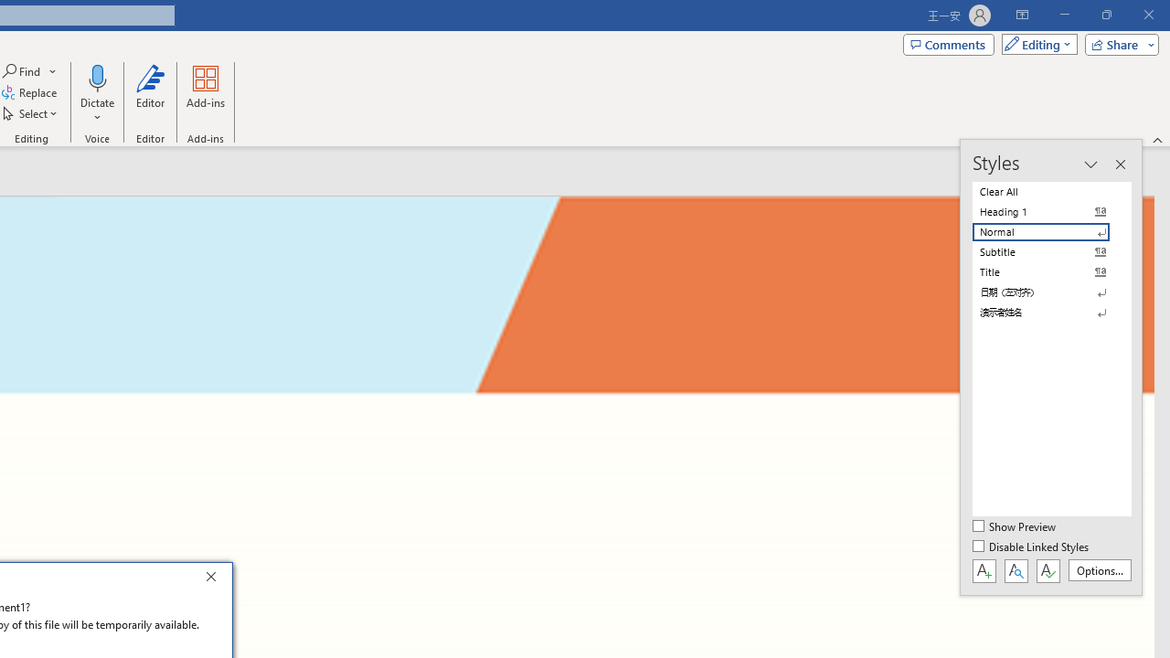 The height and width of the screenshot is (658, 1170). What do you see at coordinates (949, 43) in the screenshot?
I see `'Comments'` at bounding box center [949, 43].